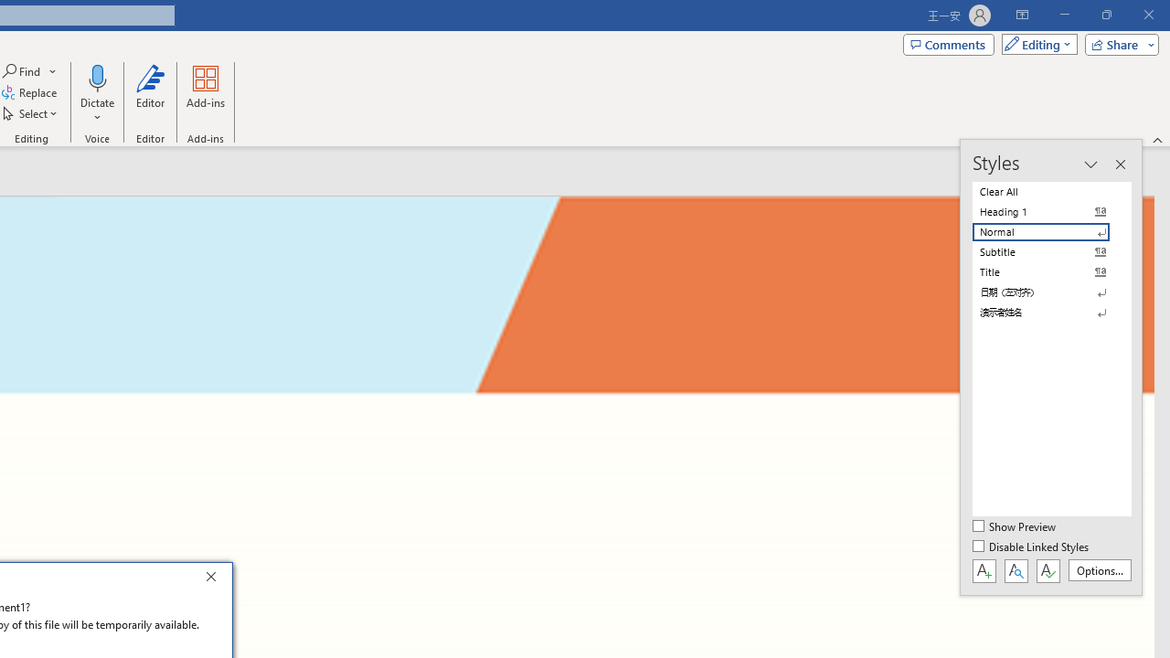 The height and width of the screenshot is (658, 1170). What do you see at coordinates (949, 43) in the screenshot?
I see `'Comments'` at bounding box center [949, 43].